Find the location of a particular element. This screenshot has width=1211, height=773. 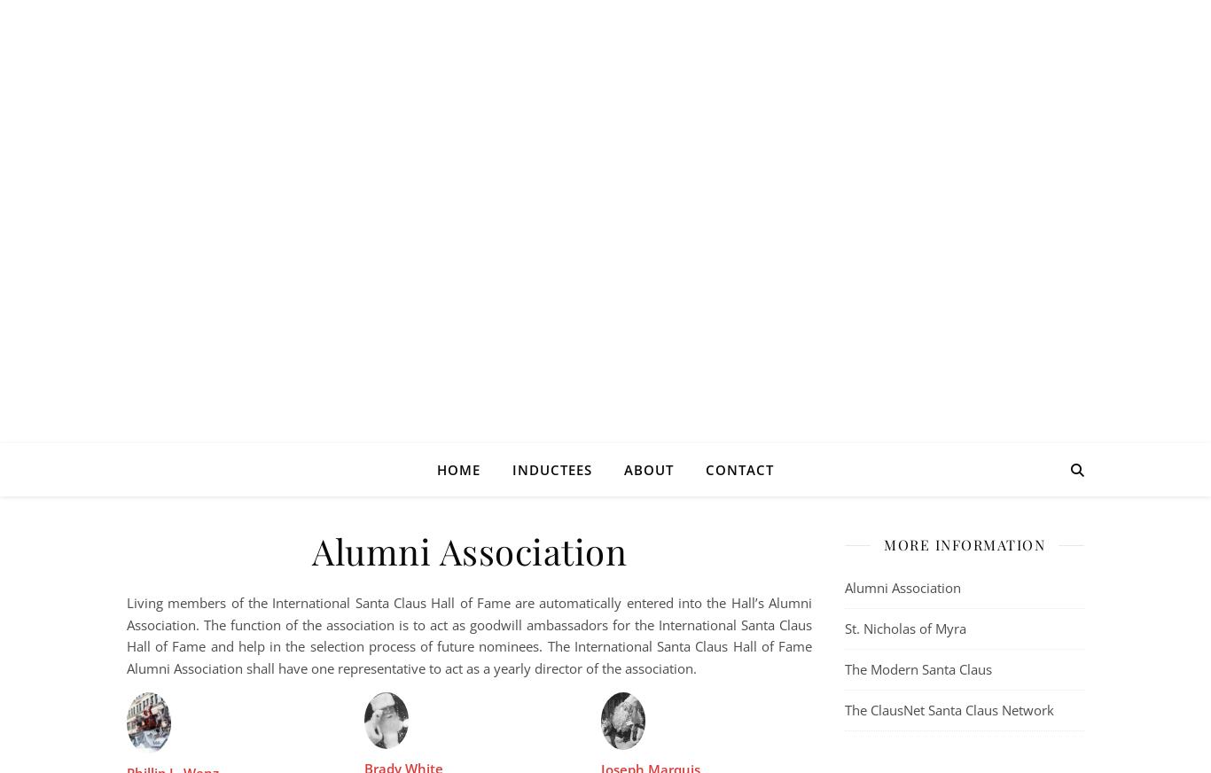

'More Information' is located at coordinates (964, 544).